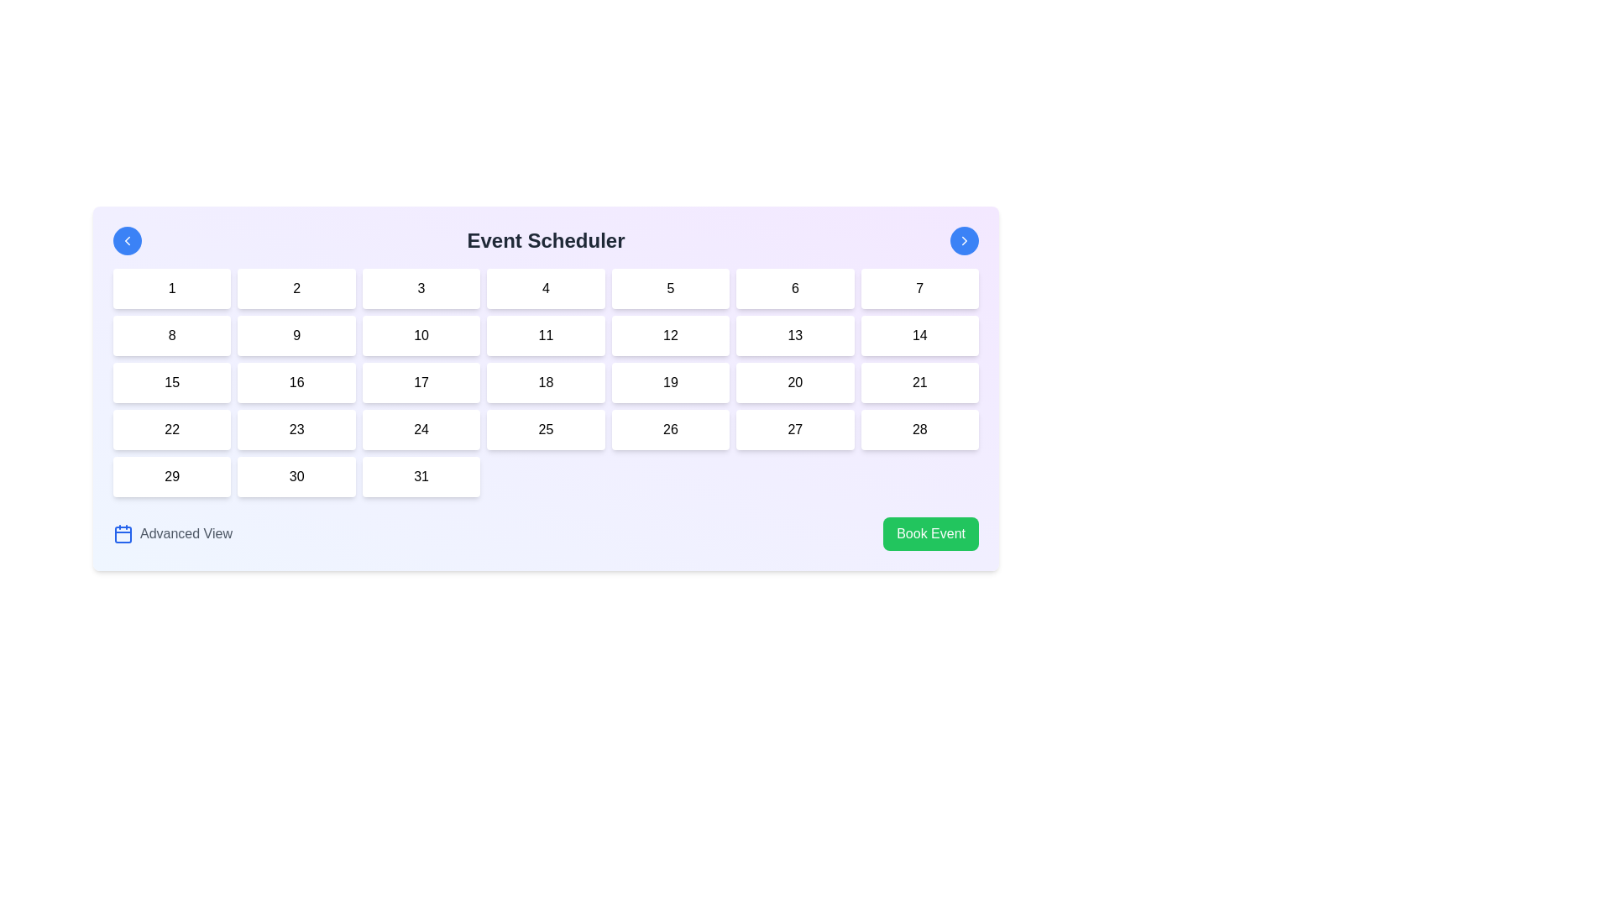 The image size is (1612, 907). What do you see at coordinates (919, 429) in the screenshot?
I see `the button representing day 28 in the calendar interface` at bounding box center [919, 429].